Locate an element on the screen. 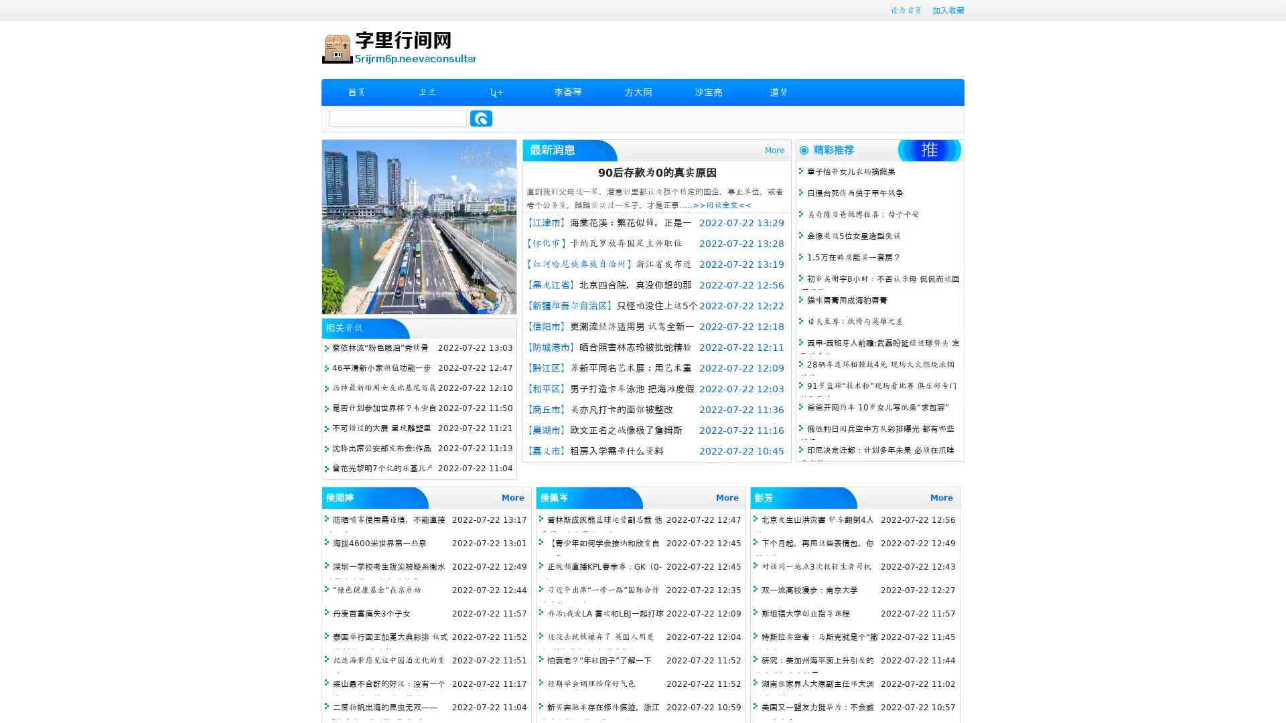 The height and width of the screenshot is (723, 1286). Search is located at coordinates (481, 118).